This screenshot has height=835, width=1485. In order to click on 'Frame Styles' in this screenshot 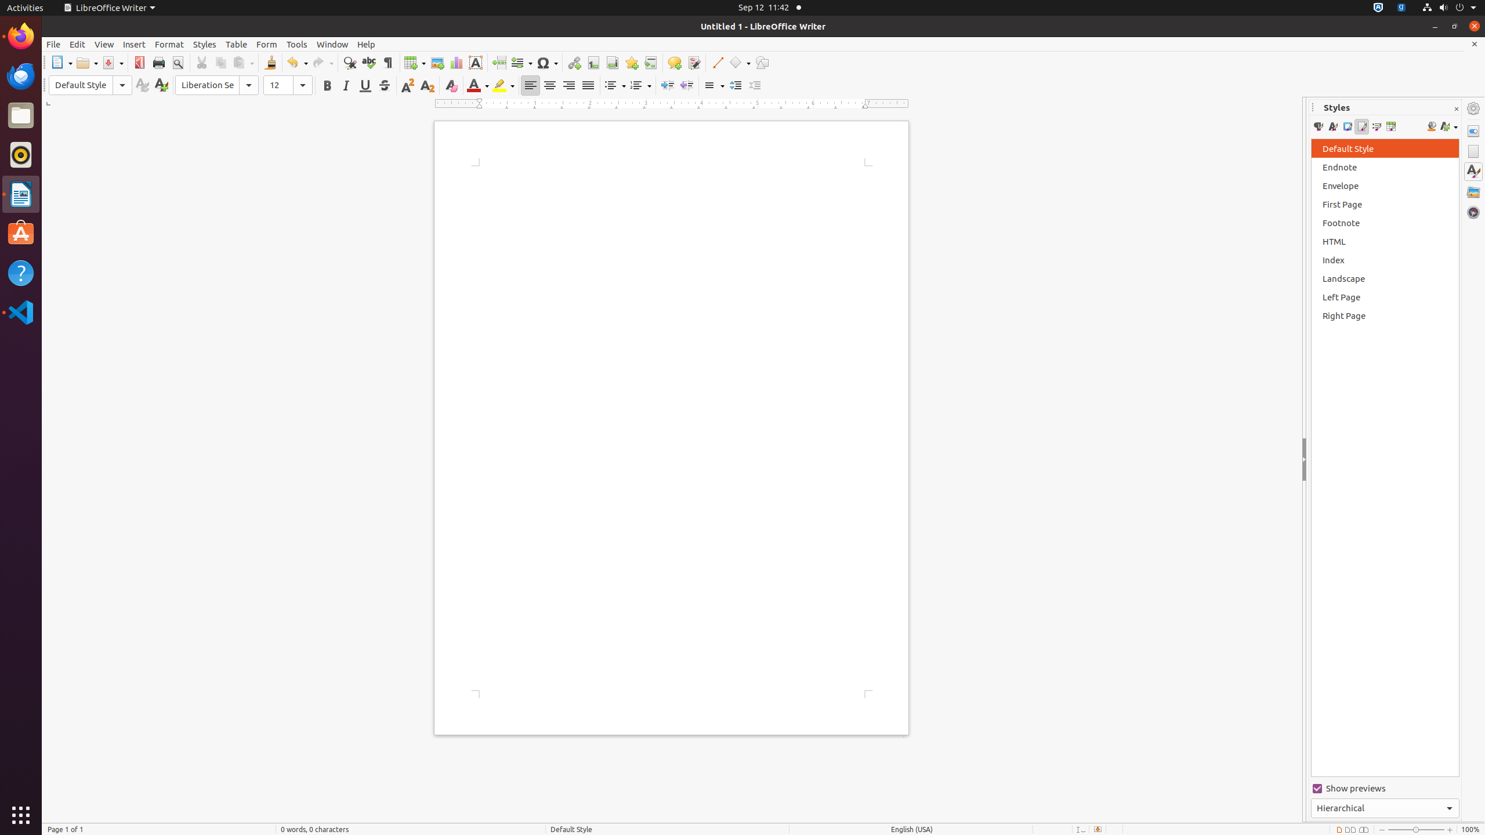, I will do `click(1346, 126)`.